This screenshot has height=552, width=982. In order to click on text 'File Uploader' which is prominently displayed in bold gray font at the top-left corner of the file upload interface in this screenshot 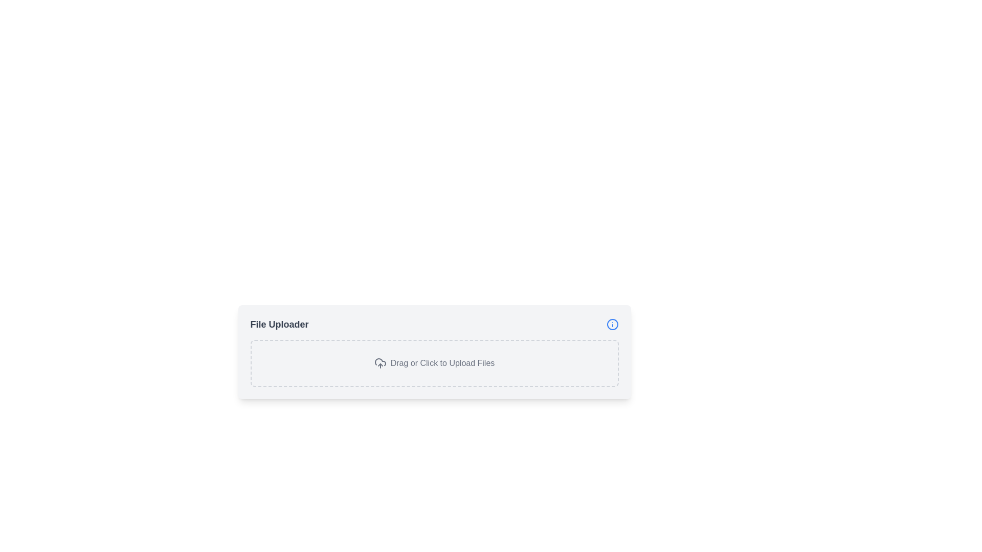, I will do `click(279, 325)`.